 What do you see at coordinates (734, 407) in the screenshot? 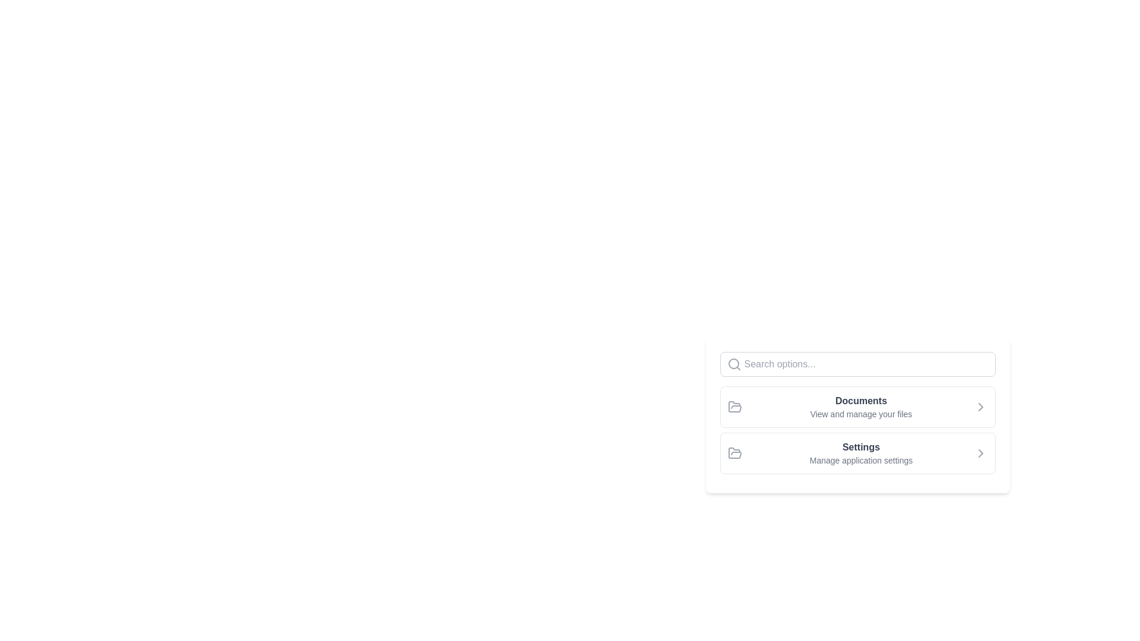
I see `details of the open folder icon located to the left of the 'Documents' text block` at bounding box center [734, 407].